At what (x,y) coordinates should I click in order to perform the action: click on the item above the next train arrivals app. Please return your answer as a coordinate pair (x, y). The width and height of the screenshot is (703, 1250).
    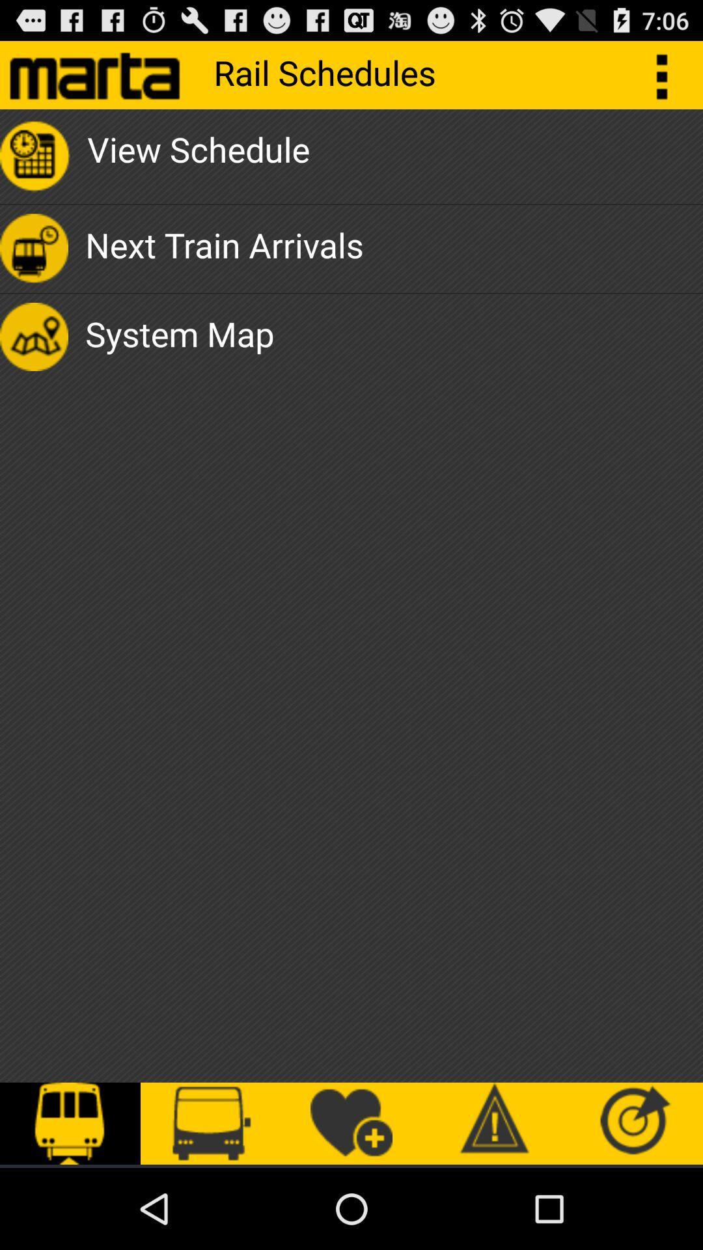
    Looking at the image, I should click on (199, 156).